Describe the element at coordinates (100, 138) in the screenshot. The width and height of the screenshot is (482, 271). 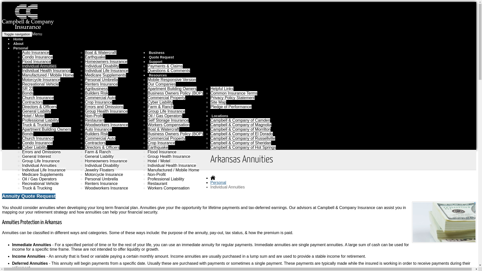
I see `'Commercial Auto'` at that location.